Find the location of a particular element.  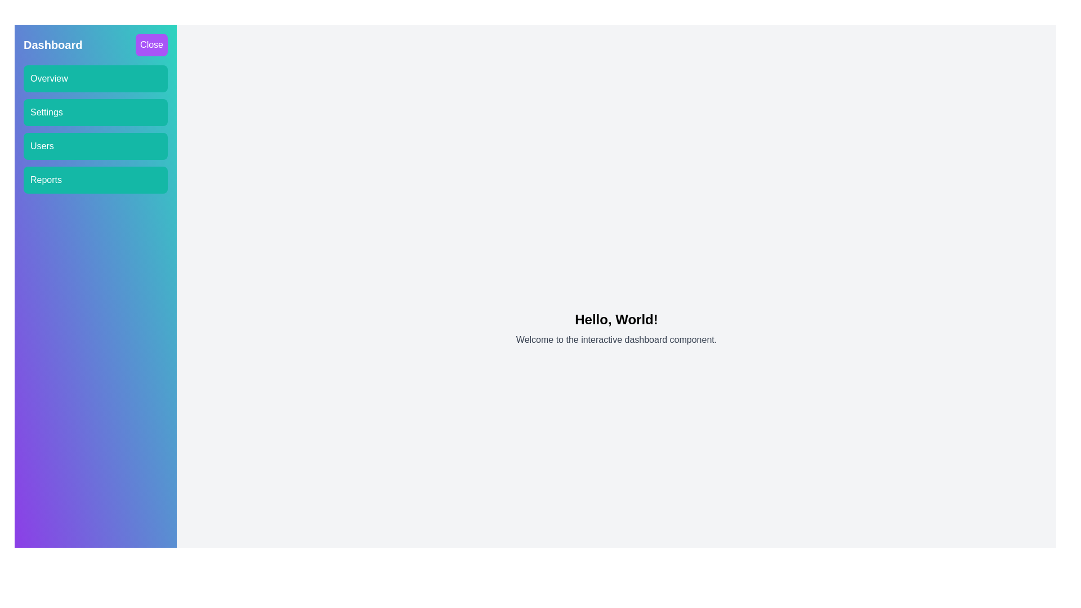

the menu button labeled Overview to navigate to the corresponding section is located at coordinates (95, 78).